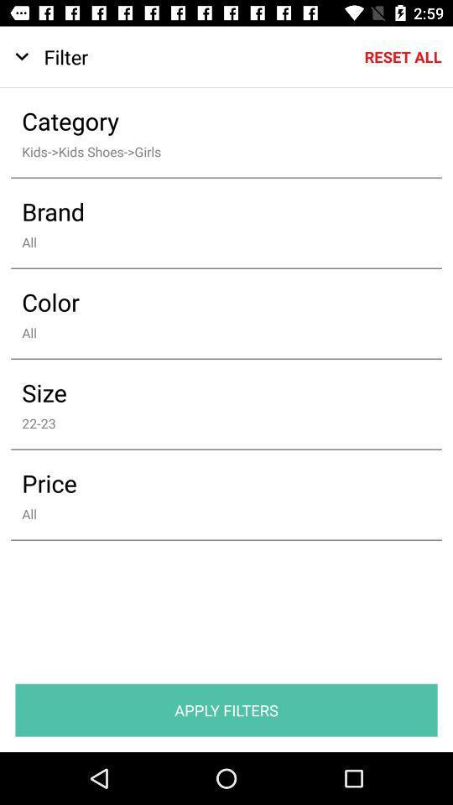 Image resolution: width=453 pixels, height=805 pixels. Describe the element at coordinates (402, 57) in the screenshot. I see `the icon at the top right corner` at that location.